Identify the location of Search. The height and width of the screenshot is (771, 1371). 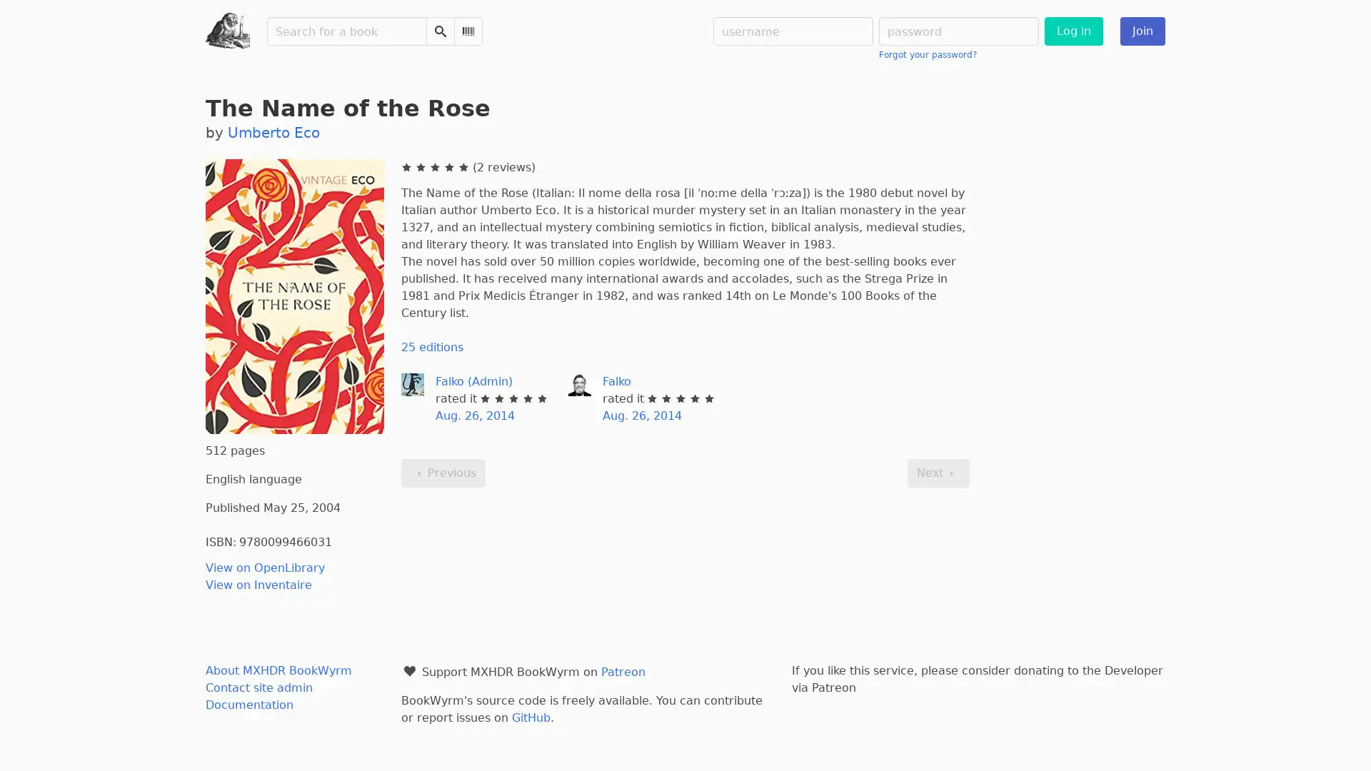
(440, 31).